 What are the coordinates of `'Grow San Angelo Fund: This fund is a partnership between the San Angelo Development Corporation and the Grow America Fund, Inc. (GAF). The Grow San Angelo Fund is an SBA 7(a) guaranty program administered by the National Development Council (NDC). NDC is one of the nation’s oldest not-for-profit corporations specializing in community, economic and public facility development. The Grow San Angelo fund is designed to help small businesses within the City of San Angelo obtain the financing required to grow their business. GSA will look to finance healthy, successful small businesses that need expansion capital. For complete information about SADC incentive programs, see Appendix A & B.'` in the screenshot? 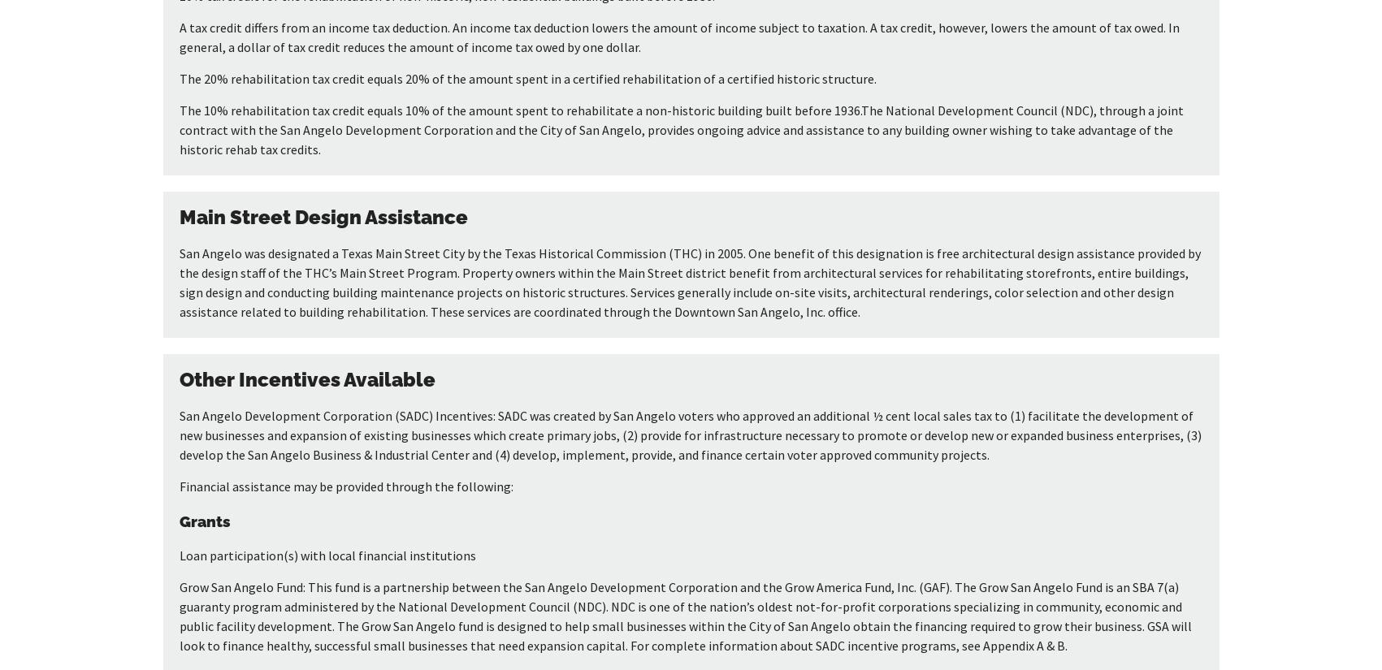 It's located at (177, 616).